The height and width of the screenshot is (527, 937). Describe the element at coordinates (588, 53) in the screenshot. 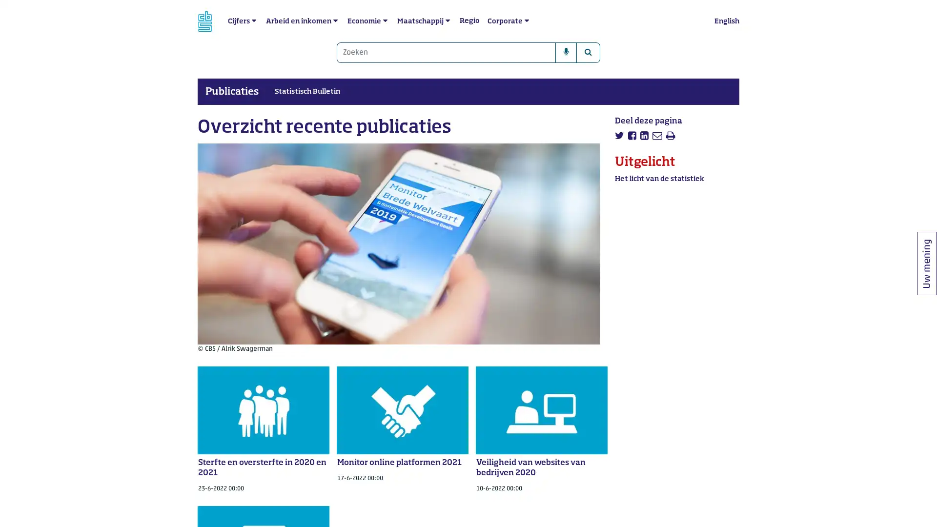

I see `Zoeken` at that location.